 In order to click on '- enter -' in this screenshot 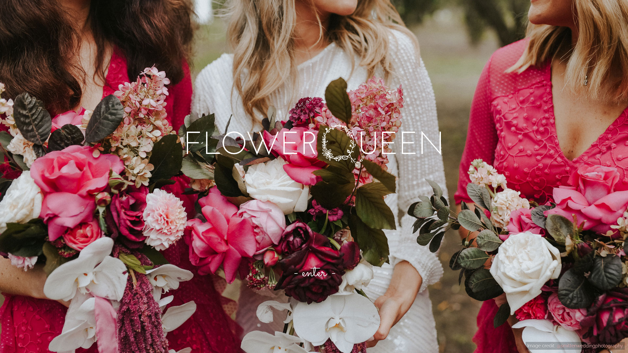, I will do `click(314, 273)`.